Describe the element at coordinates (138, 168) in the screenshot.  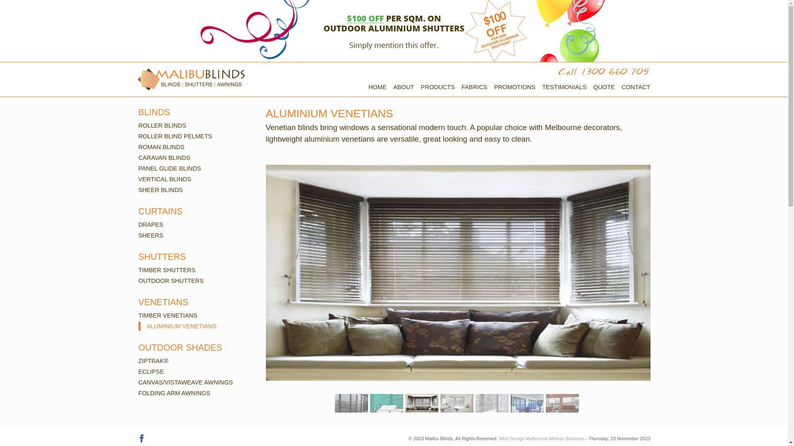
I see `'PANEL GLIDE BLINDS'` at that location.